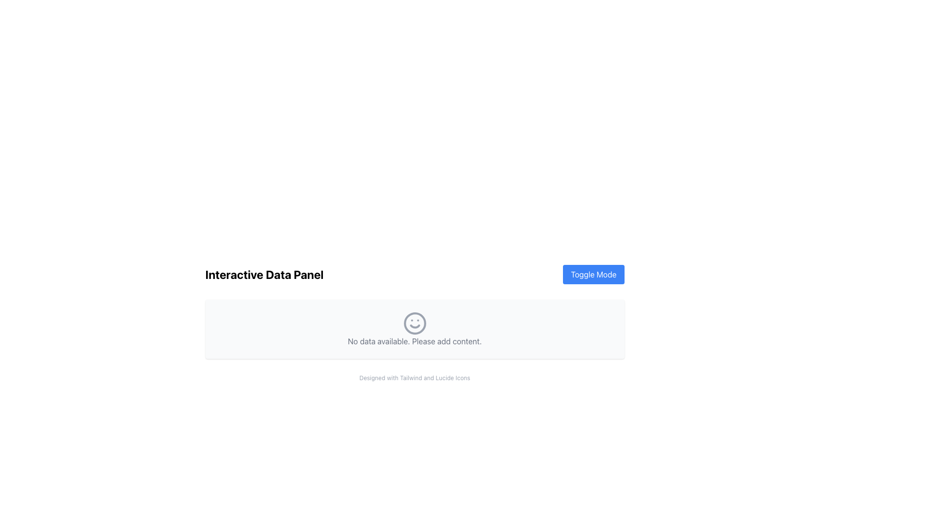 This screenshot has width=931, height=523. Describe the element at coordinates (593, 275) in the screenshot. I see `the 'Toggle Mode' button located in the upper-right corner of the Interactive Data Panel` at that location.